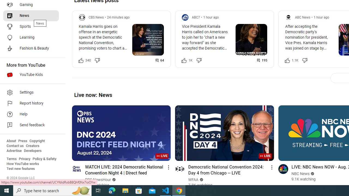  Describe the element at coordinates (15, 146) in the screenshot. I see `'Contact us'` at that location.